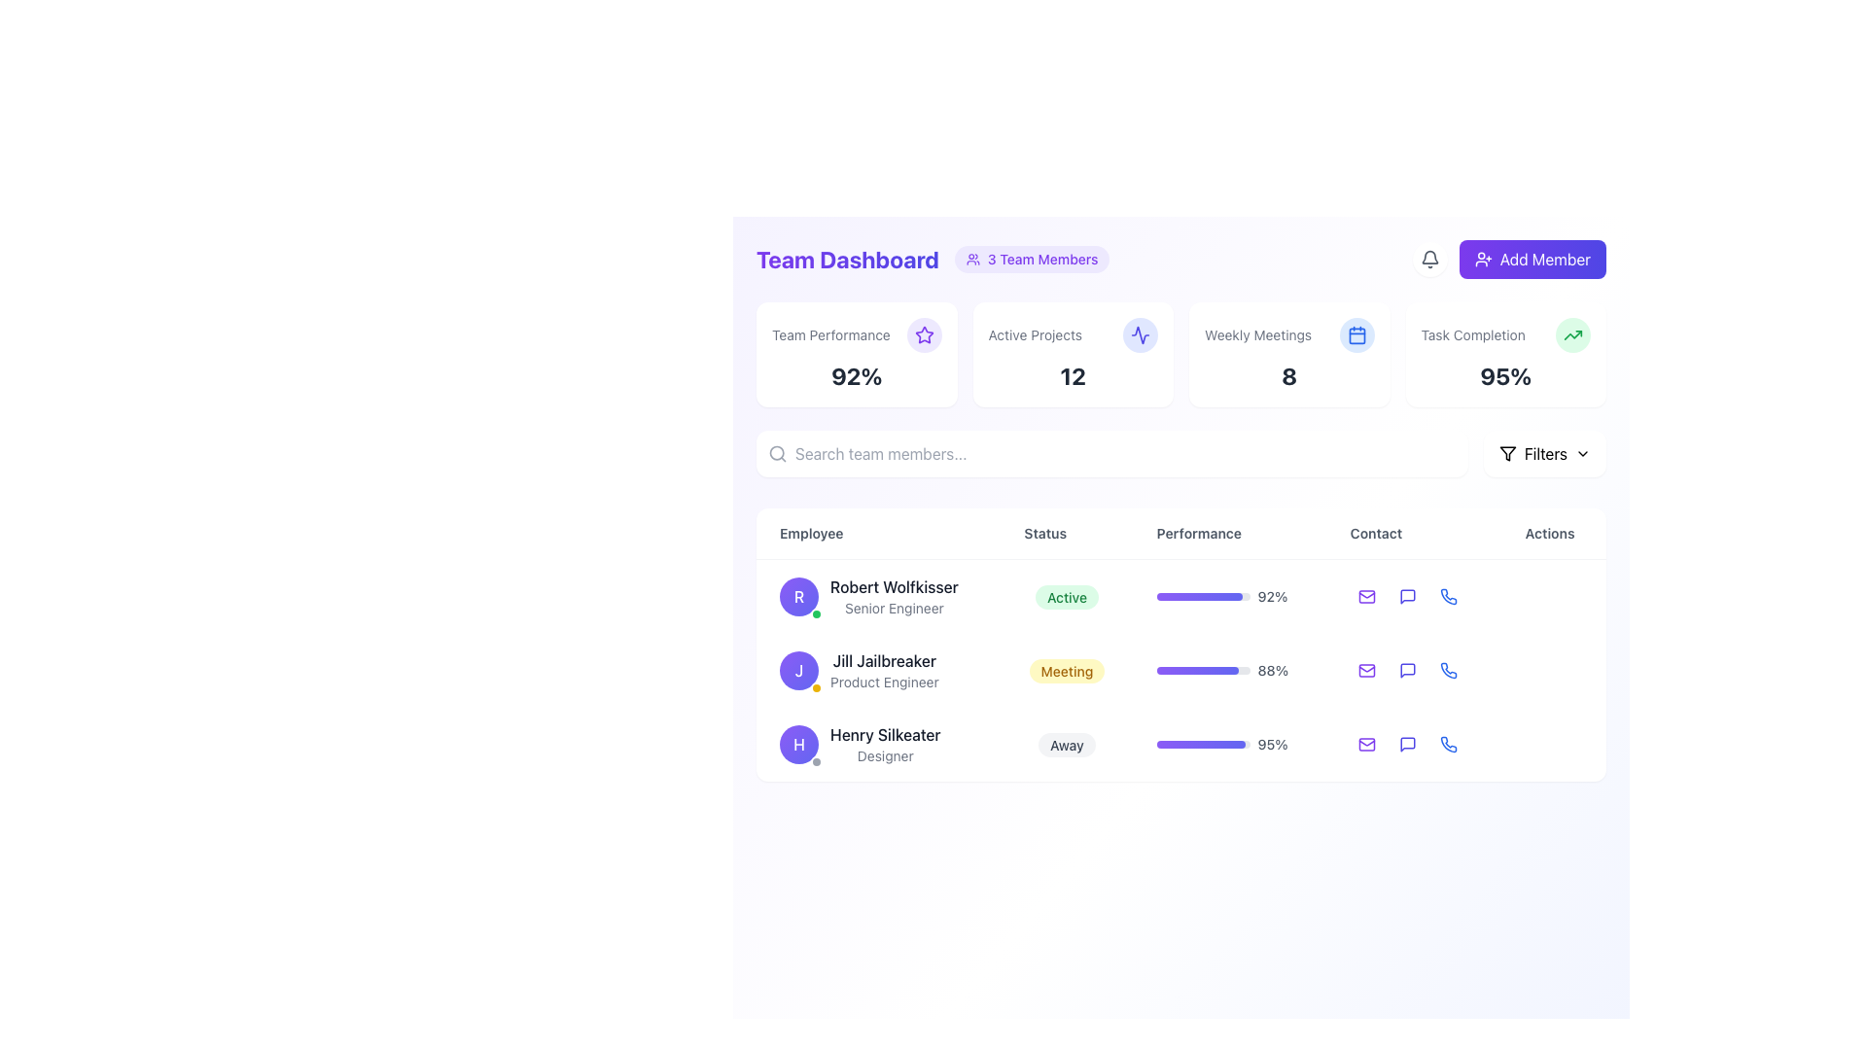 Image resolution: width=1867 pixels, height=1050 pixels. Describe the element at coordinates (1504, 333) in the screenshot. I see `the 'Task Completion' text label, which is styled in a smaller font size and muted gray color, located in the top-right corner of the dashboard interface, next to a circular green badge with an upwards trending arrow` at that location.